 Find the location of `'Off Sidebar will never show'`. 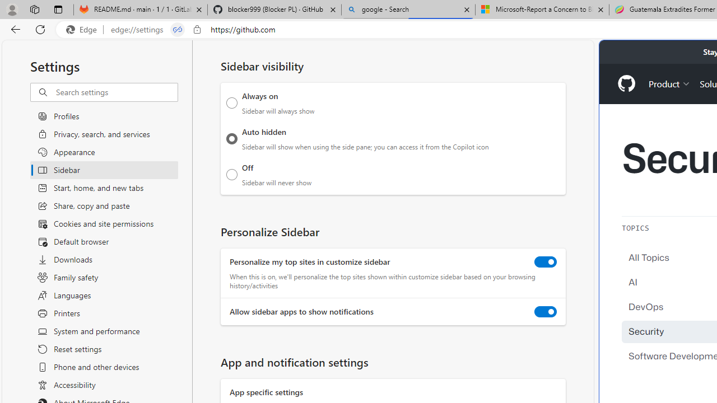

'Off Sidebar will never show' is located at coordinates (231, 174).